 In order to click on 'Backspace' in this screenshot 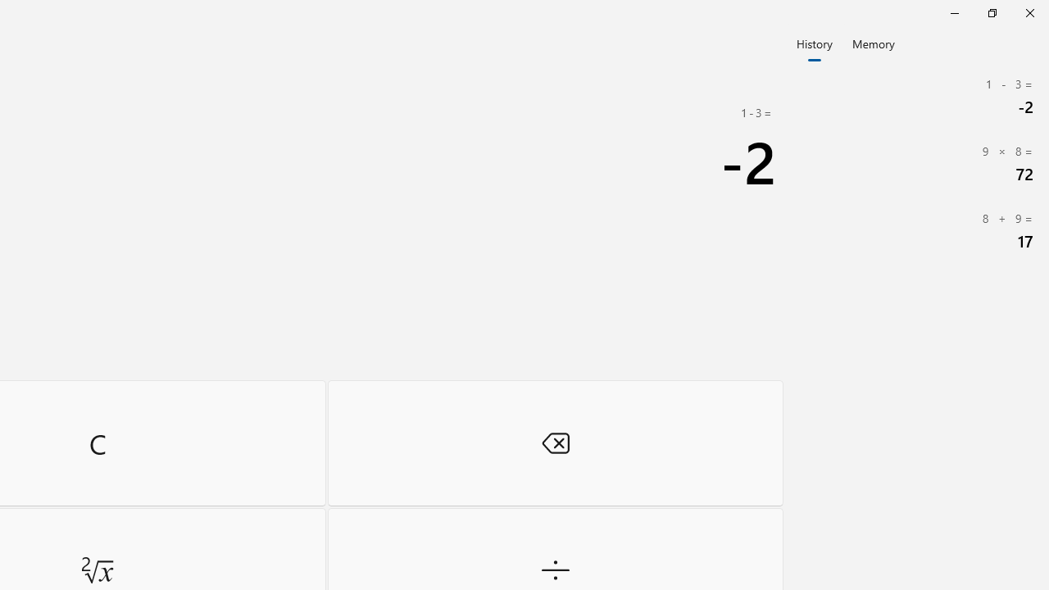, I will do `click(555, 442)`.